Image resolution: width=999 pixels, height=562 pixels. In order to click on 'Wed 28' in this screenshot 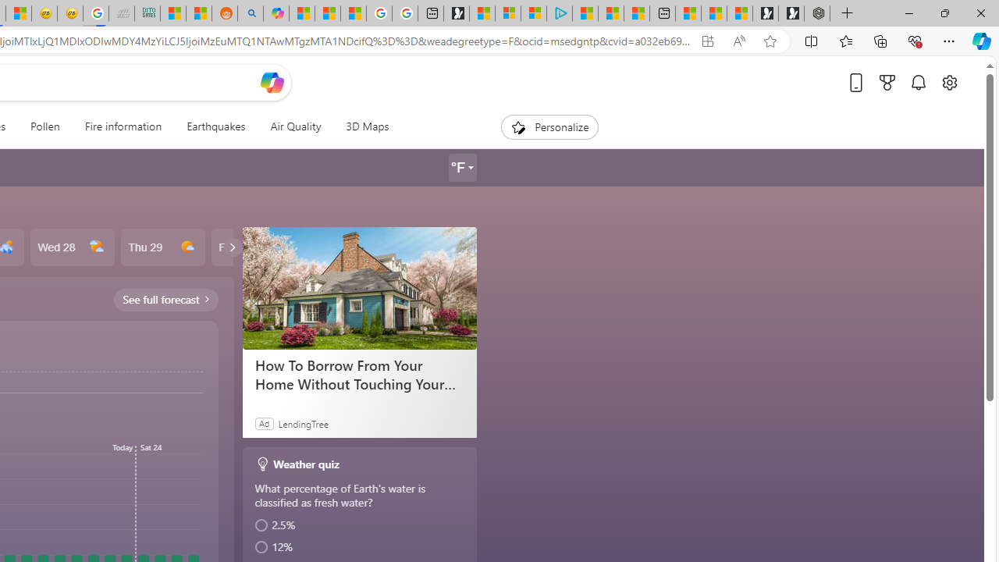, I will do `click(71, 247)`.